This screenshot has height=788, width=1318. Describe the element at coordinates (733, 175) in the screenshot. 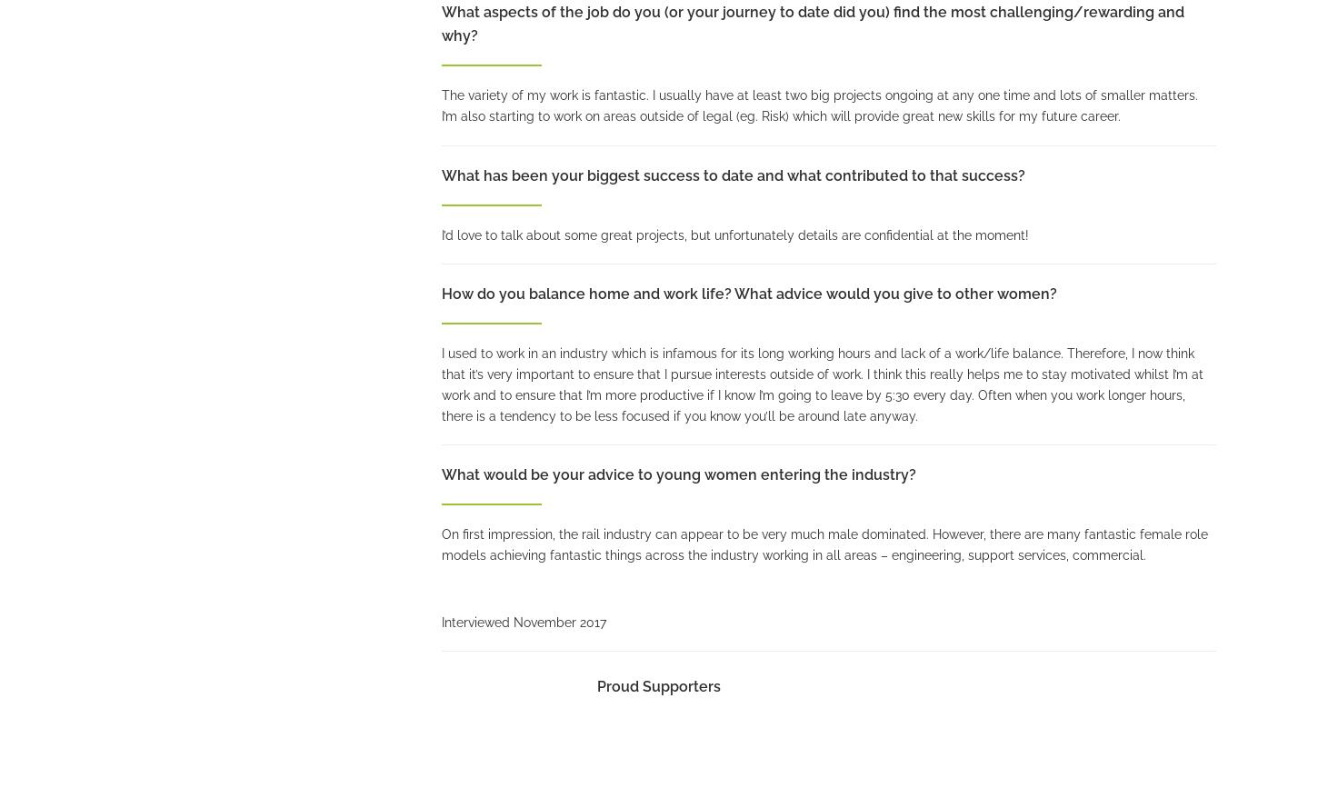

I see `'What has been your biggest success to date and what contributed to that success?'` at that location.